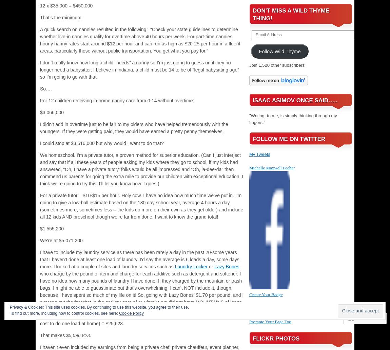  Describe the element at coordinates (61, 17) in the screenshot. I see `'That’s the minimum.'` at that location.